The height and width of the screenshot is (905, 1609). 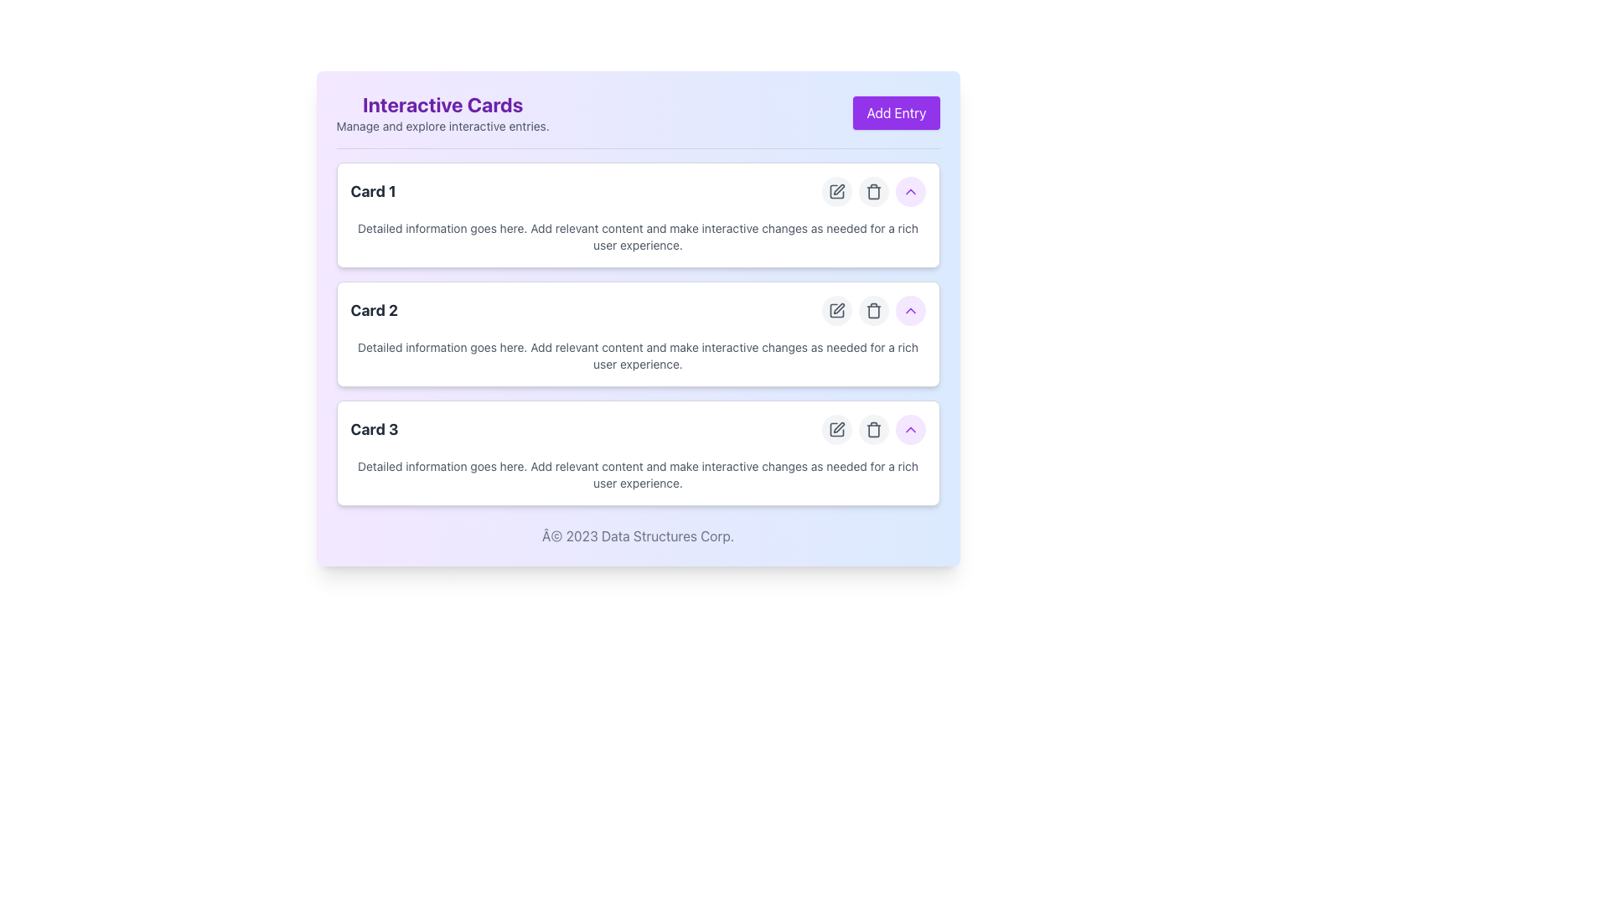 What do you see at coordinates (909, 429) in the screenshot?
I see `the small rounded button with a purple background and an upward chevron icon located in the third card of a vertical list, positioned to the right of the trash can icon` at bounding box center [909, 429].